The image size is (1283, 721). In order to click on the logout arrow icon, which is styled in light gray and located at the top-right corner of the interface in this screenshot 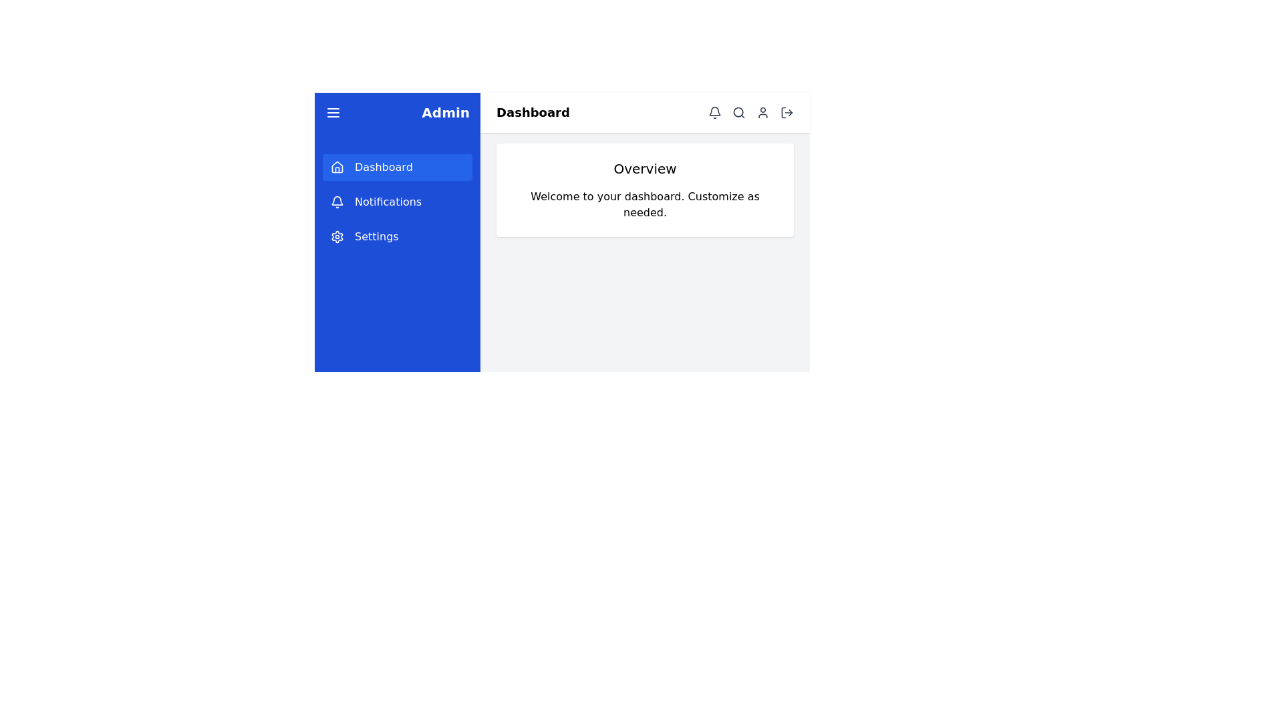, I will do `click(787, 112)`.